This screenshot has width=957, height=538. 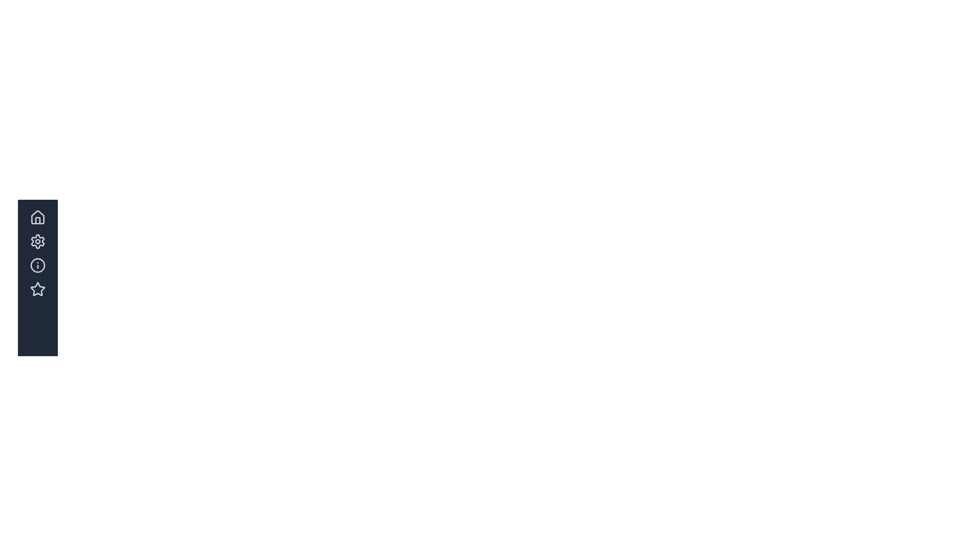 I want to click on the Icon that serves as a shortcut for accessing a user's favorite items, which is the fourth option in the vertical stack of icons in the sidebar, revealing the label 'Access your favorites', so click(x=38, y=289).